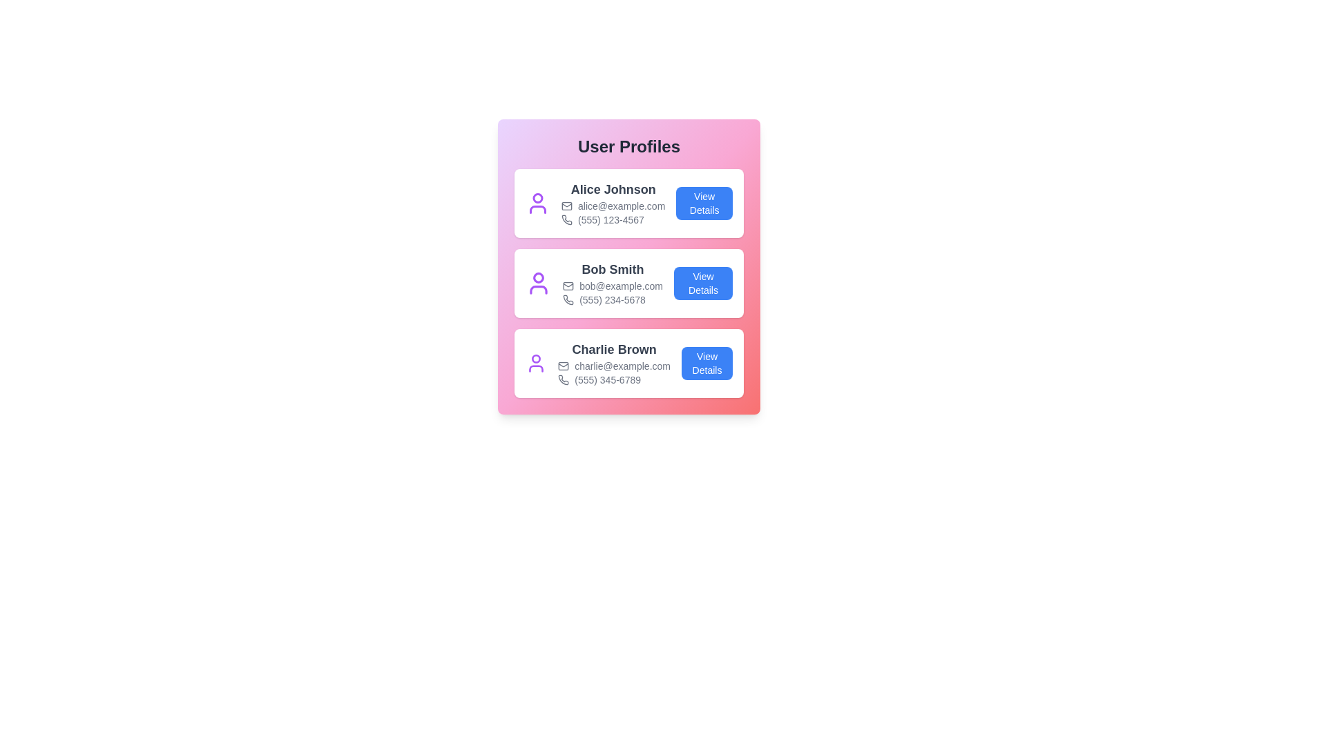  What do you see at coordinates (704, 203) in the screenshot?
I see `'View Details' button for the user profile of Alice Johnson` at bounding box center [704, 203].